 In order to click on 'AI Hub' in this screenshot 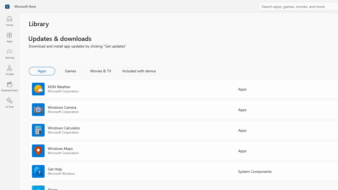, I will do `click(9, 103)`.